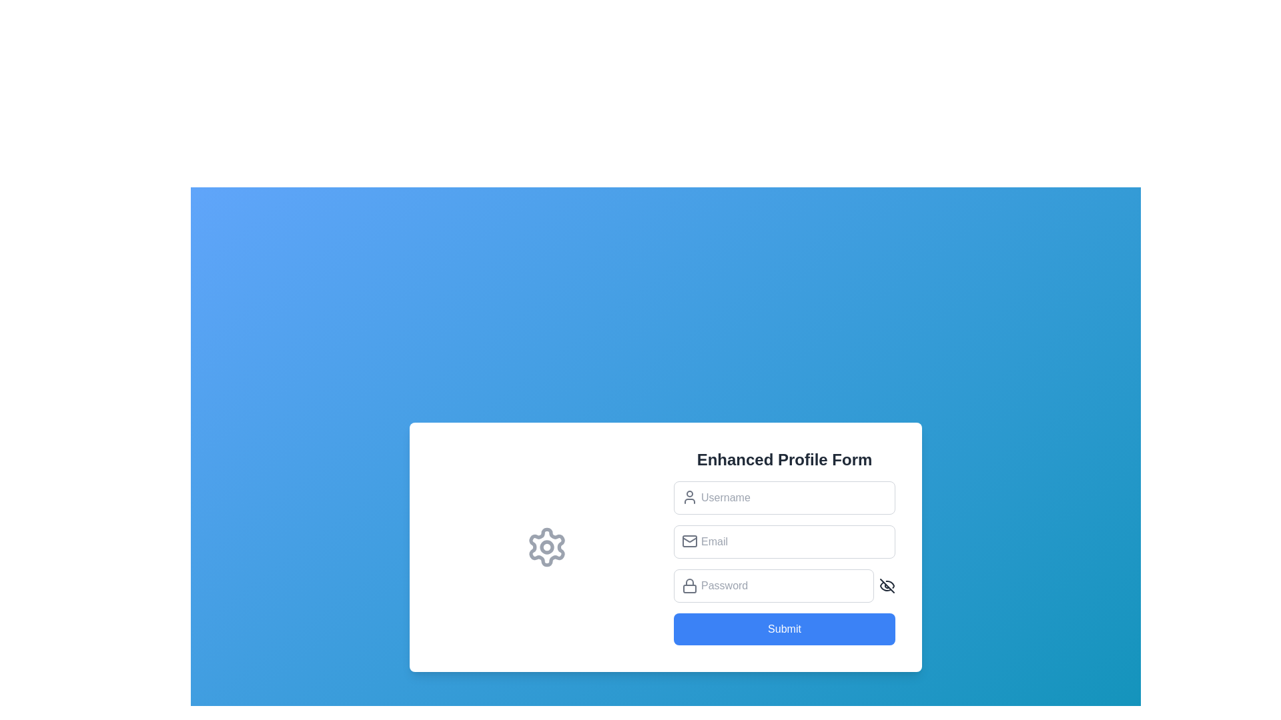  Describe the element at coordinates (689, 541) in the screenshot. I see `the SVG rectangle that visually indicates the purpose of the adjacent email input field, located on the left side of the 'Email' input field` at that location.